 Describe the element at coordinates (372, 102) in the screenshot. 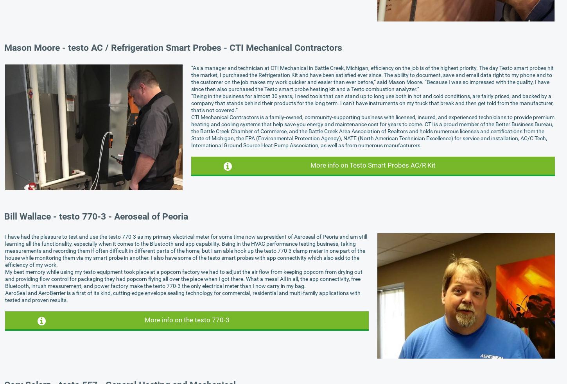

I see `'“Being in the business for almost 30 years, I need tools that can stand up to long use both in hot and cold conditions, are fairly priced, and backed by a company that stands behind their products for the long term. I can’t have instruments on my truck that break and then get told from the manufacturer, that’s not covered.”'` at that location.